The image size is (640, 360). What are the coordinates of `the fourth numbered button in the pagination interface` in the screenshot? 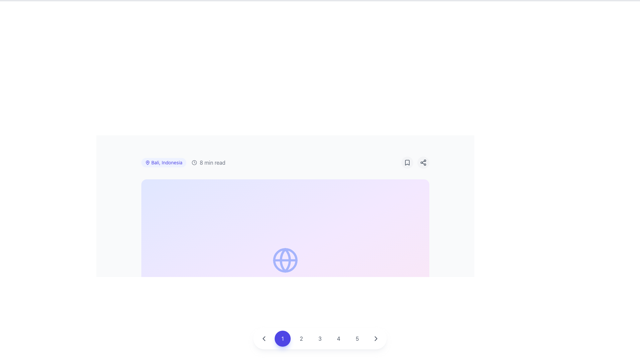 It's located at (339, 338).